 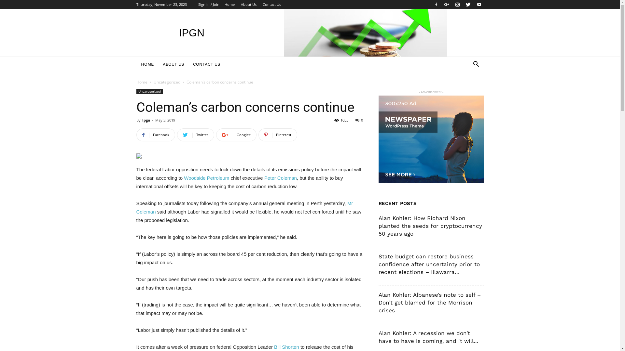 I want to click on 'Pinterest', so click(x=278, y=135).